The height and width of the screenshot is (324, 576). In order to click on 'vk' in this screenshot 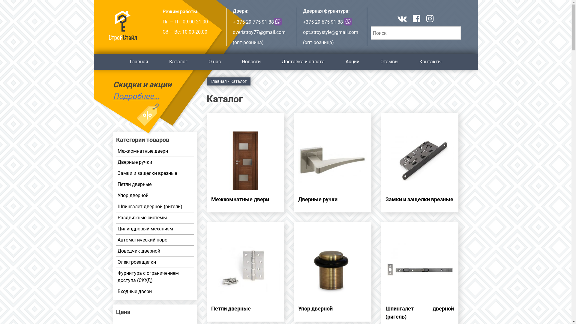, I will do `click(397, 19)`.